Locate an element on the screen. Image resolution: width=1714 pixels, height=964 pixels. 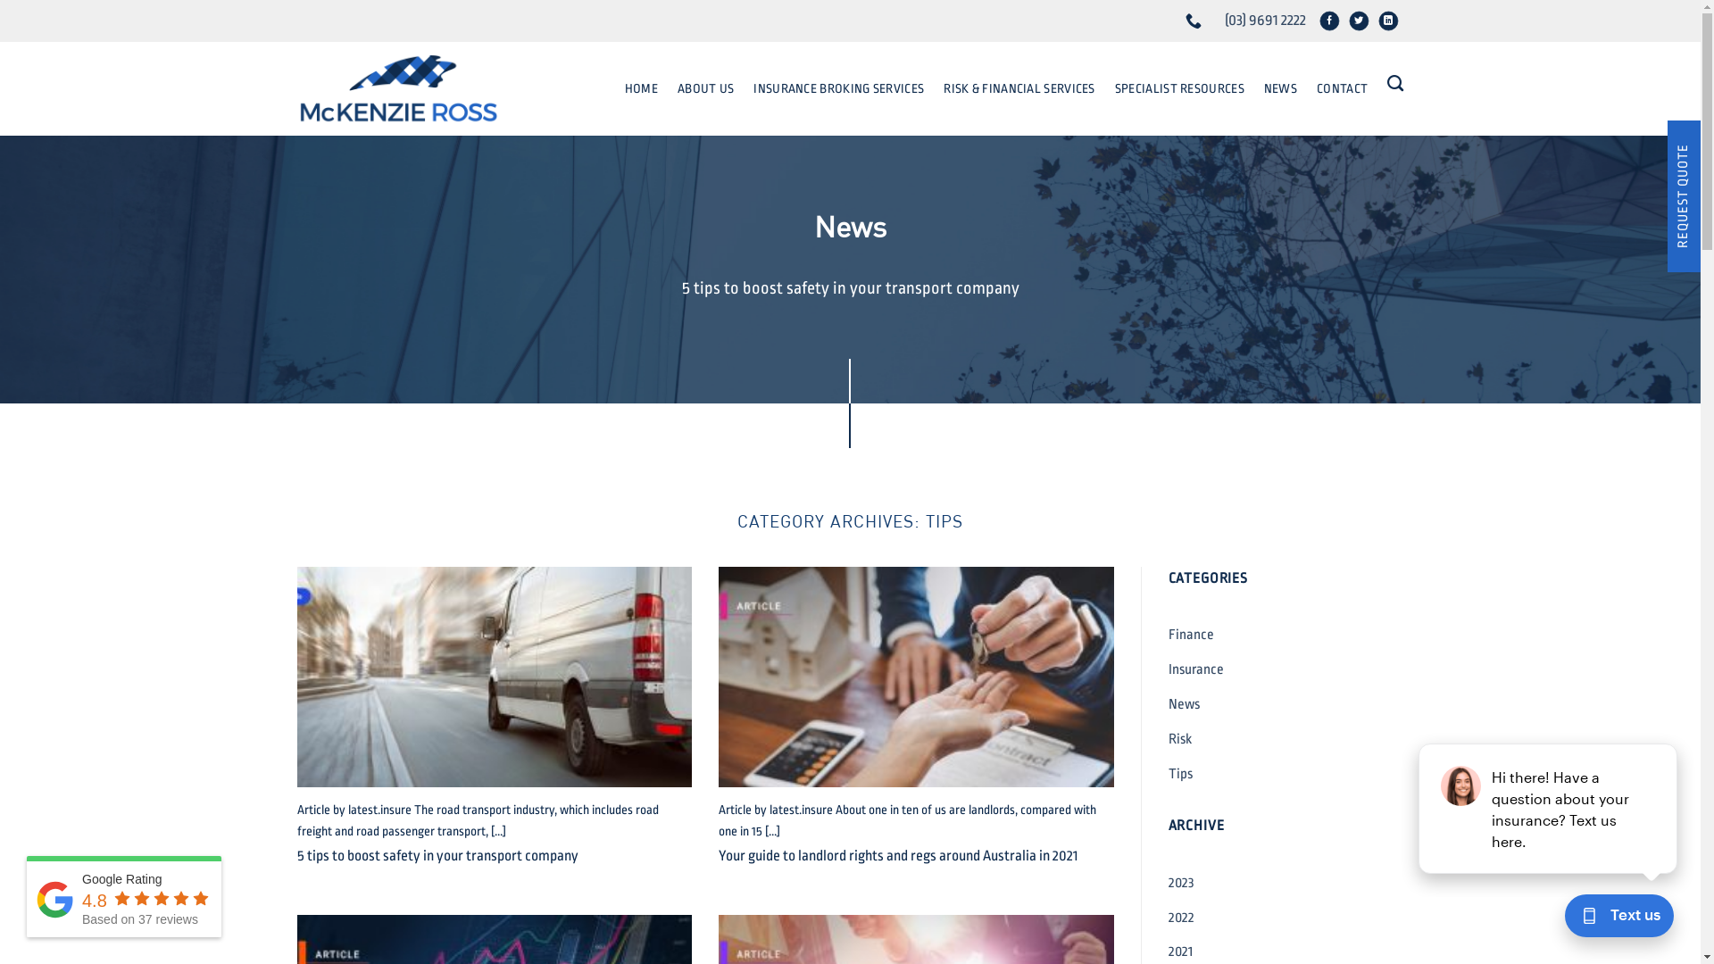
'5 tips to boost safety in your transport company' is located at coordinates (437, 855).